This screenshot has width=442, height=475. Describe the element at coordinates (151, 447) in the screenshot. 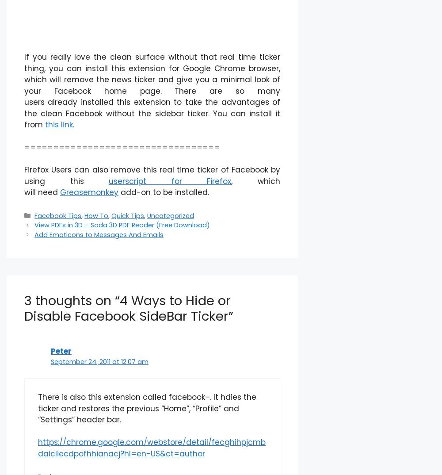

I see `'https://chrome.google.com/webstore/detail/fecghihpjcmbdaicliecdpofhhianacj?hl=en-US&ct=author'` at that location.